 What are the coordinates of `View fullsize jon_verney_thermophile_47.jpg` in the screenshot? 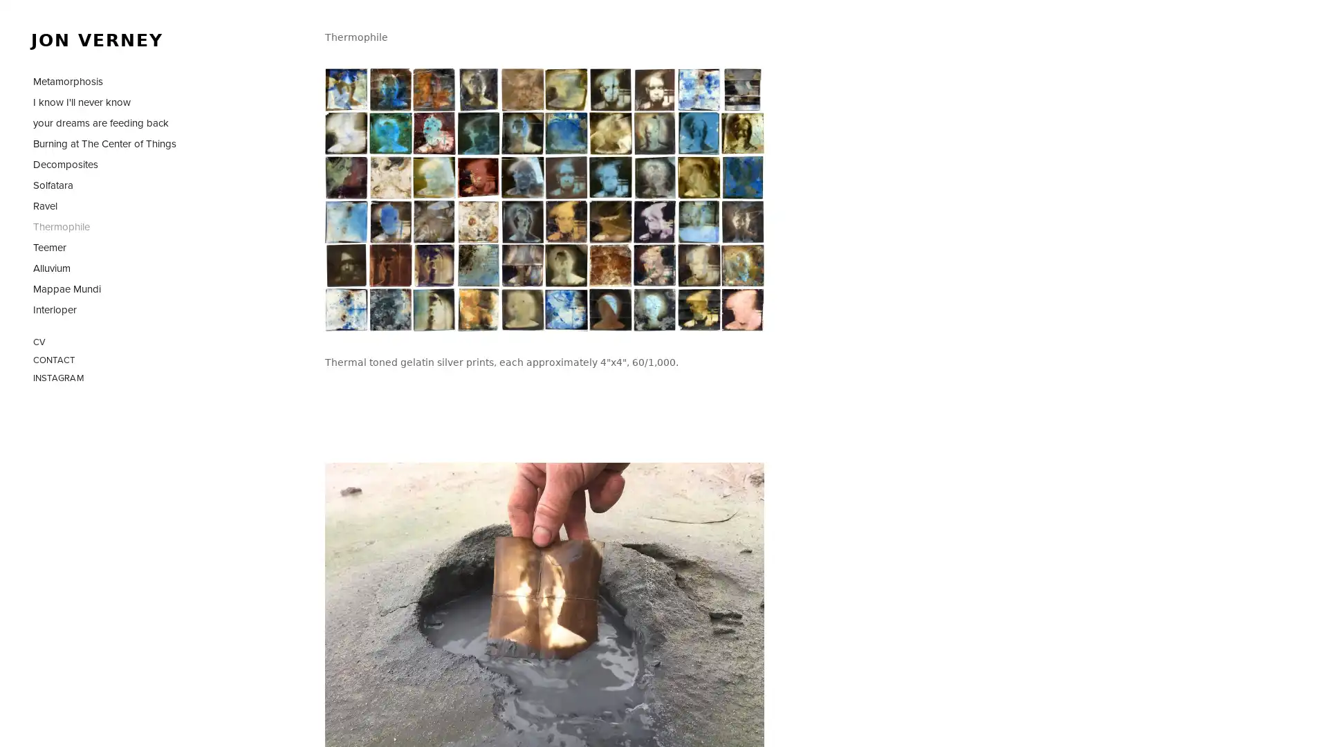 It's located at (609, 89).